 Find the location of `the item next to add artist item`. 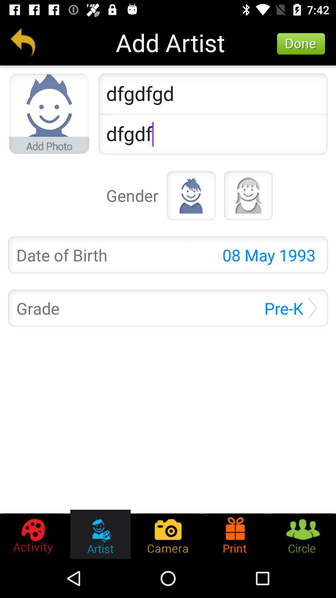

the item next to add artist item is located at coordinates (22, 42).